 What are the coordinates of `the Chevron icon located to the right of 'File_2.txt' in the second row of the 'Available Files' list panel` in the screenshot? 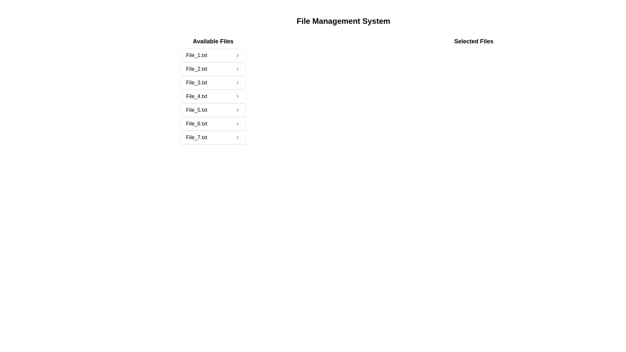 It's located at (237, 69).